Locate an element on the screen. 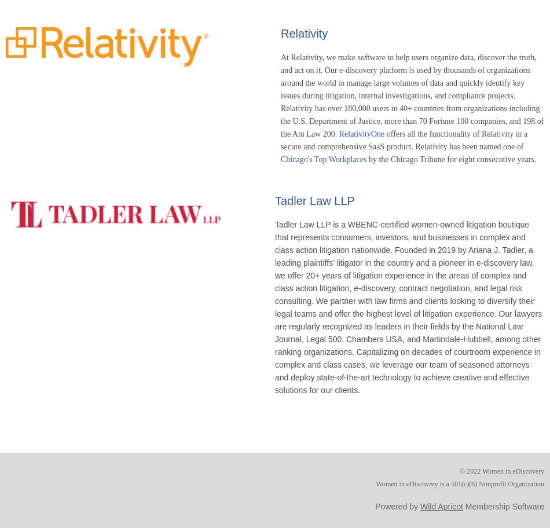 The width and height of the screenshot is (550, 528). 'At Relativity, we make software to help users organize data, discover the truth, and act on it. Our e-discovery platform is used by thousands of organizations around the world to manage large volumes of data and quickly identify key issues during litigation, internal investigations, and compliance projects. Relativity has over 180,000 users in 40+ countries from organizations including the U.S. Department of Justice, more than 70 Fortune 100 companies, and 198 of the Am Law 200.' is located at coordinates (412, 95).